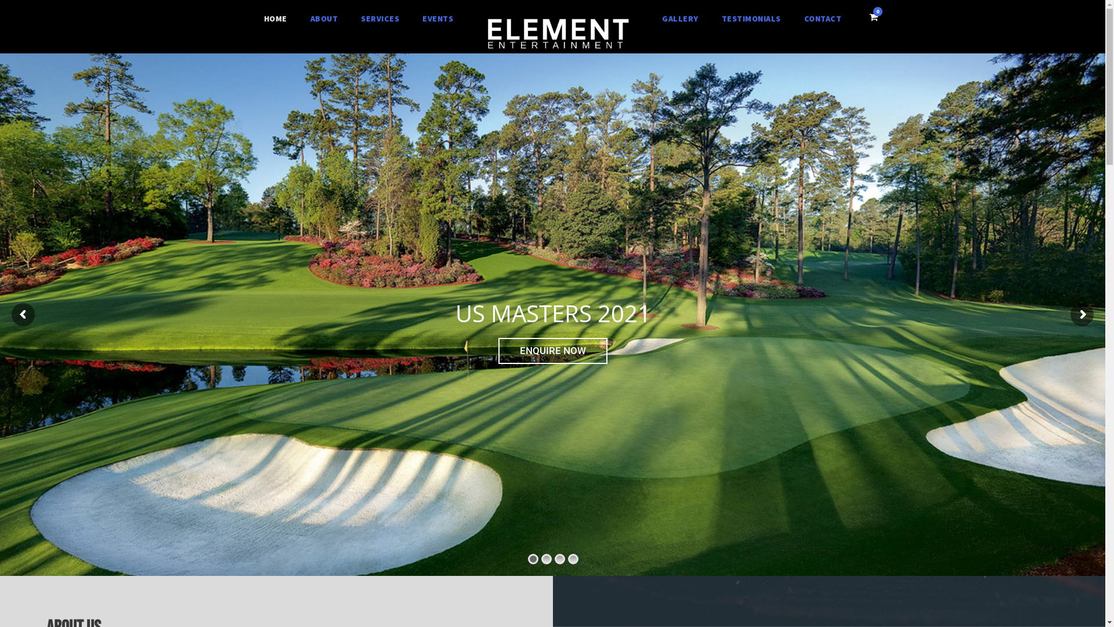 The image size is (1114, 627). Describe the element at coordinates (751, 19) in the screenshot. I see `'TESTIMONIALS'` at that location.